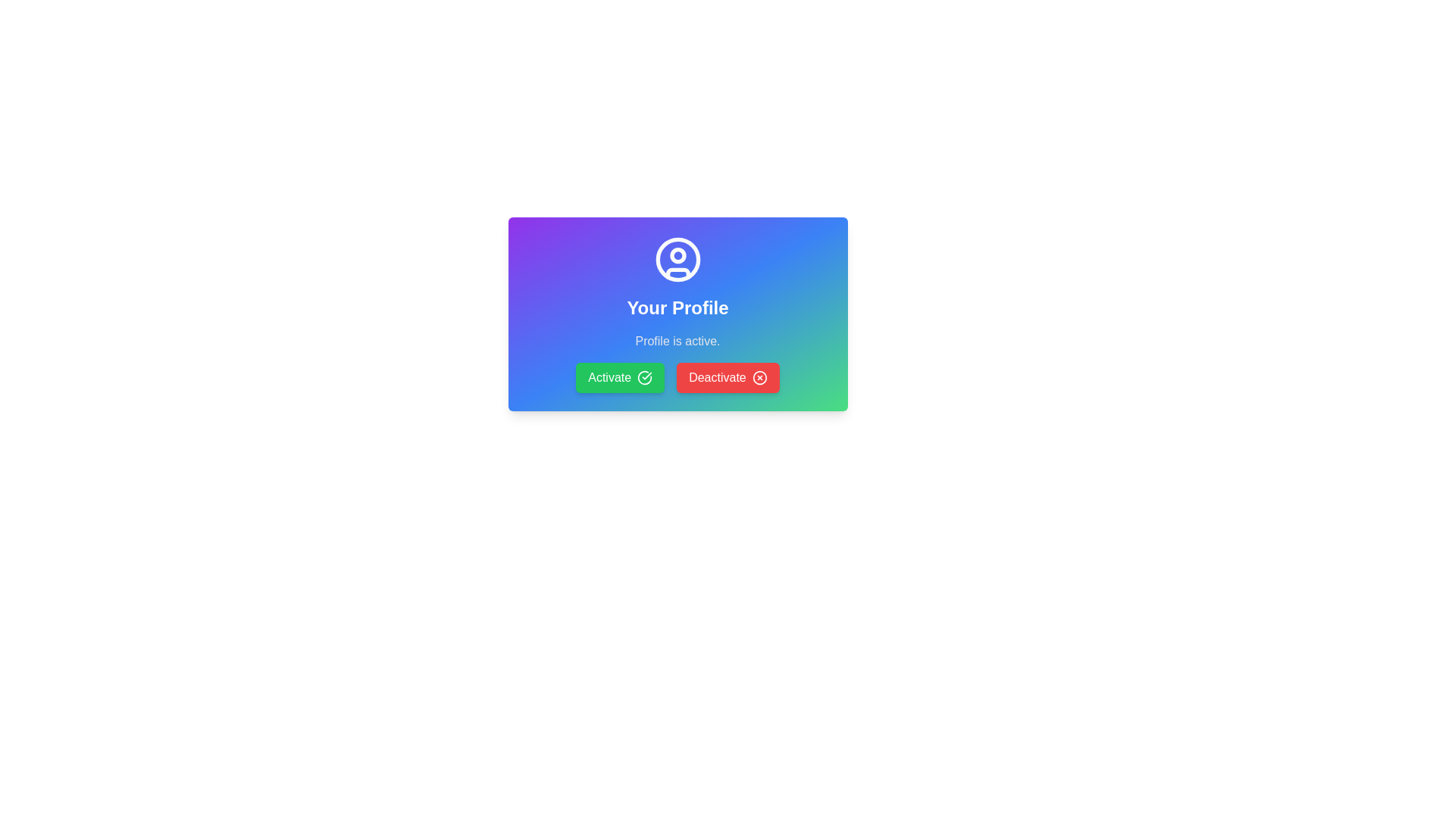  Describe the element at coordinates (759, 376) in the screenshot. I see `the SVG icon representing the action of deactivation, which is part of the 'Deactivate' button in the horizontal button group` at that location.